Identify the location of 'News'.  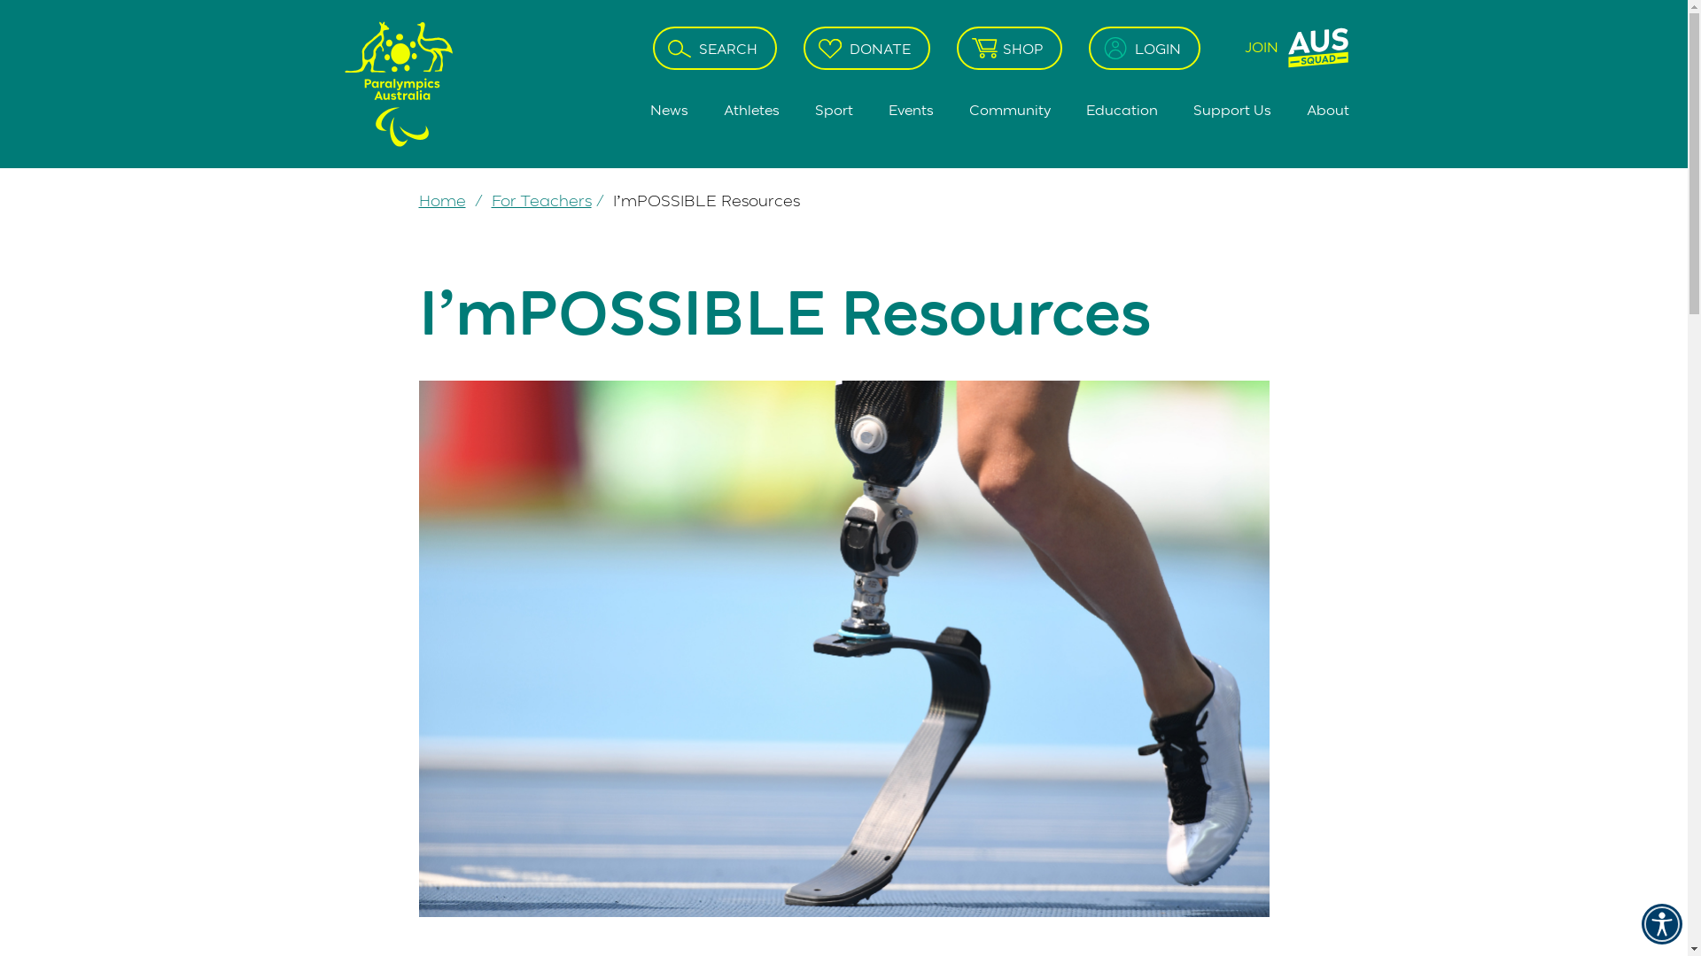
(668, 109).